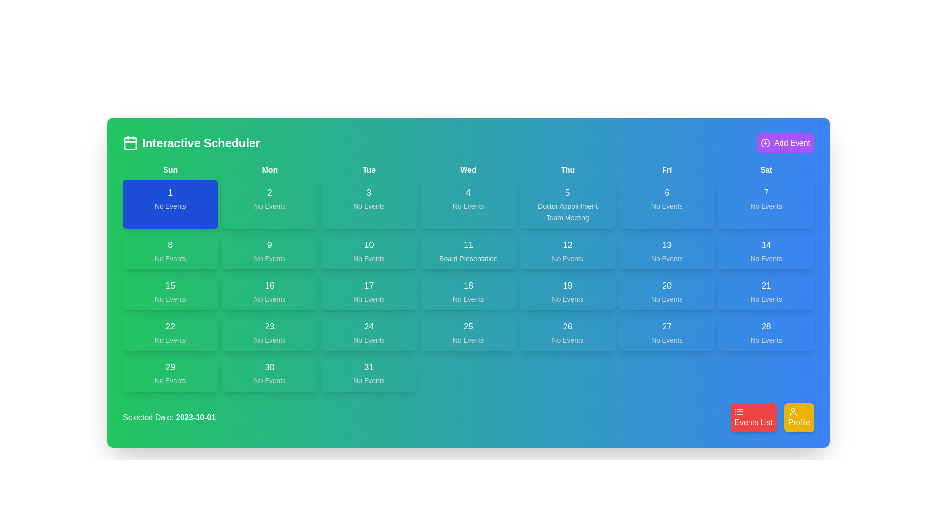 Image resolution: width=932 pixels, height=524 pixels. What do you see at coordinates (170, 203) in the screenshot?
I see `the calendar day cell that represents the first day of the month, located in the first column and first row under the 'Sun' header` at bounding box center [170, 203].